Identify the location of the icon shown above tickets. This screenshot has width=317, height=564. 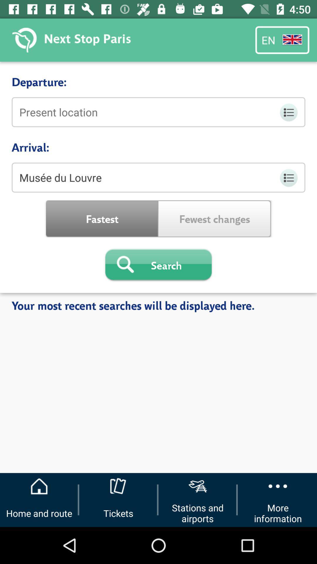
(118, 486).